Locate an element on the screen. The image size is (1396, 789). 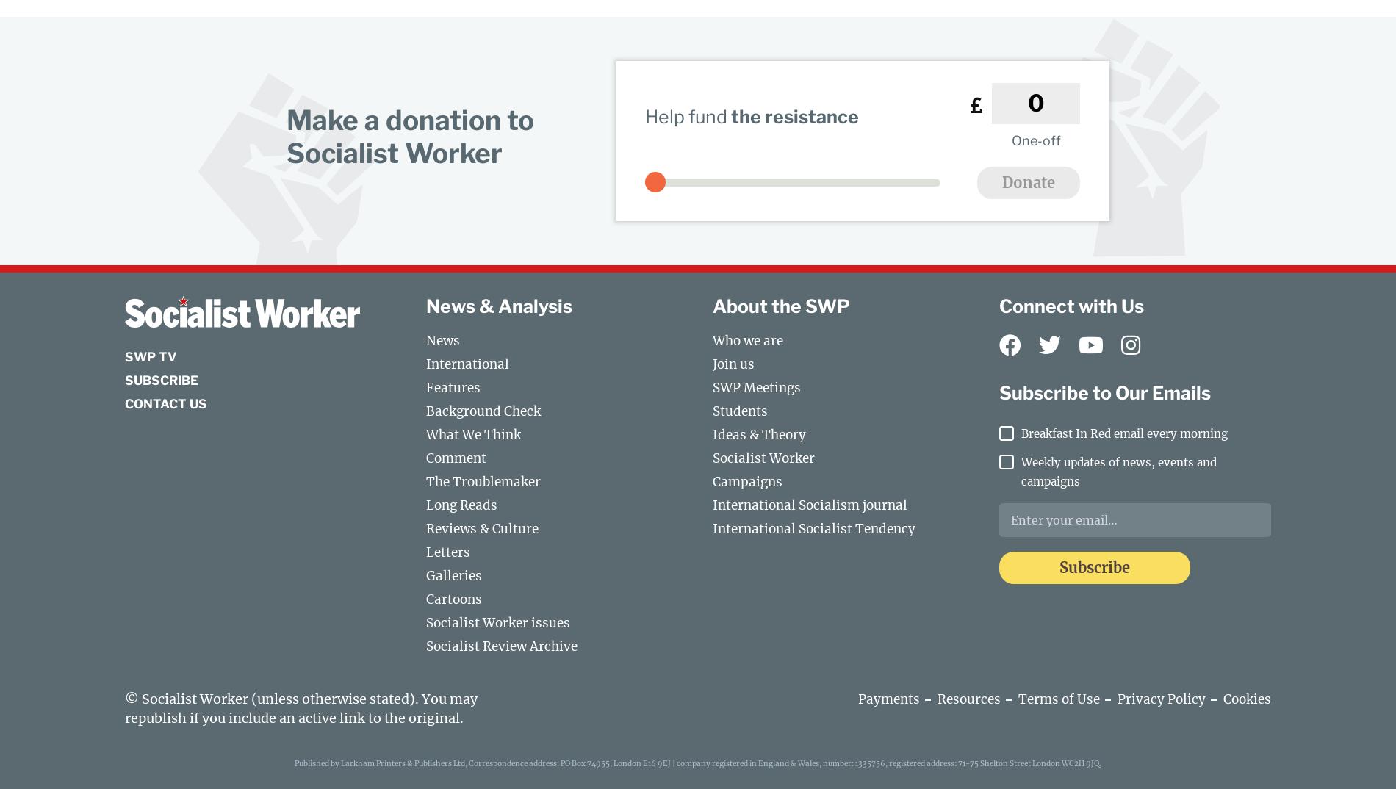
'Background Check' is located at coordinates (483, 410).